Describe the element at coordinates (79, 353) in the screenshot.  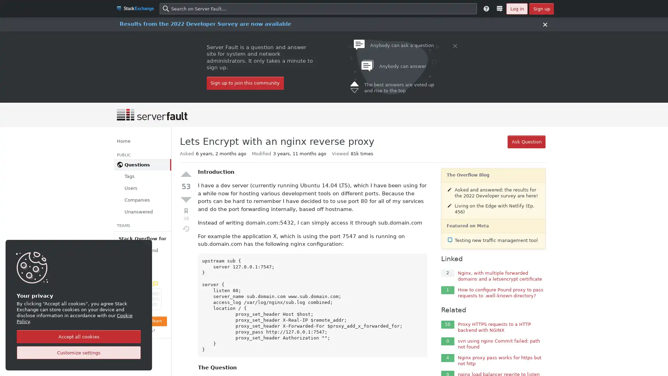
I see `Customize settings` at that location.